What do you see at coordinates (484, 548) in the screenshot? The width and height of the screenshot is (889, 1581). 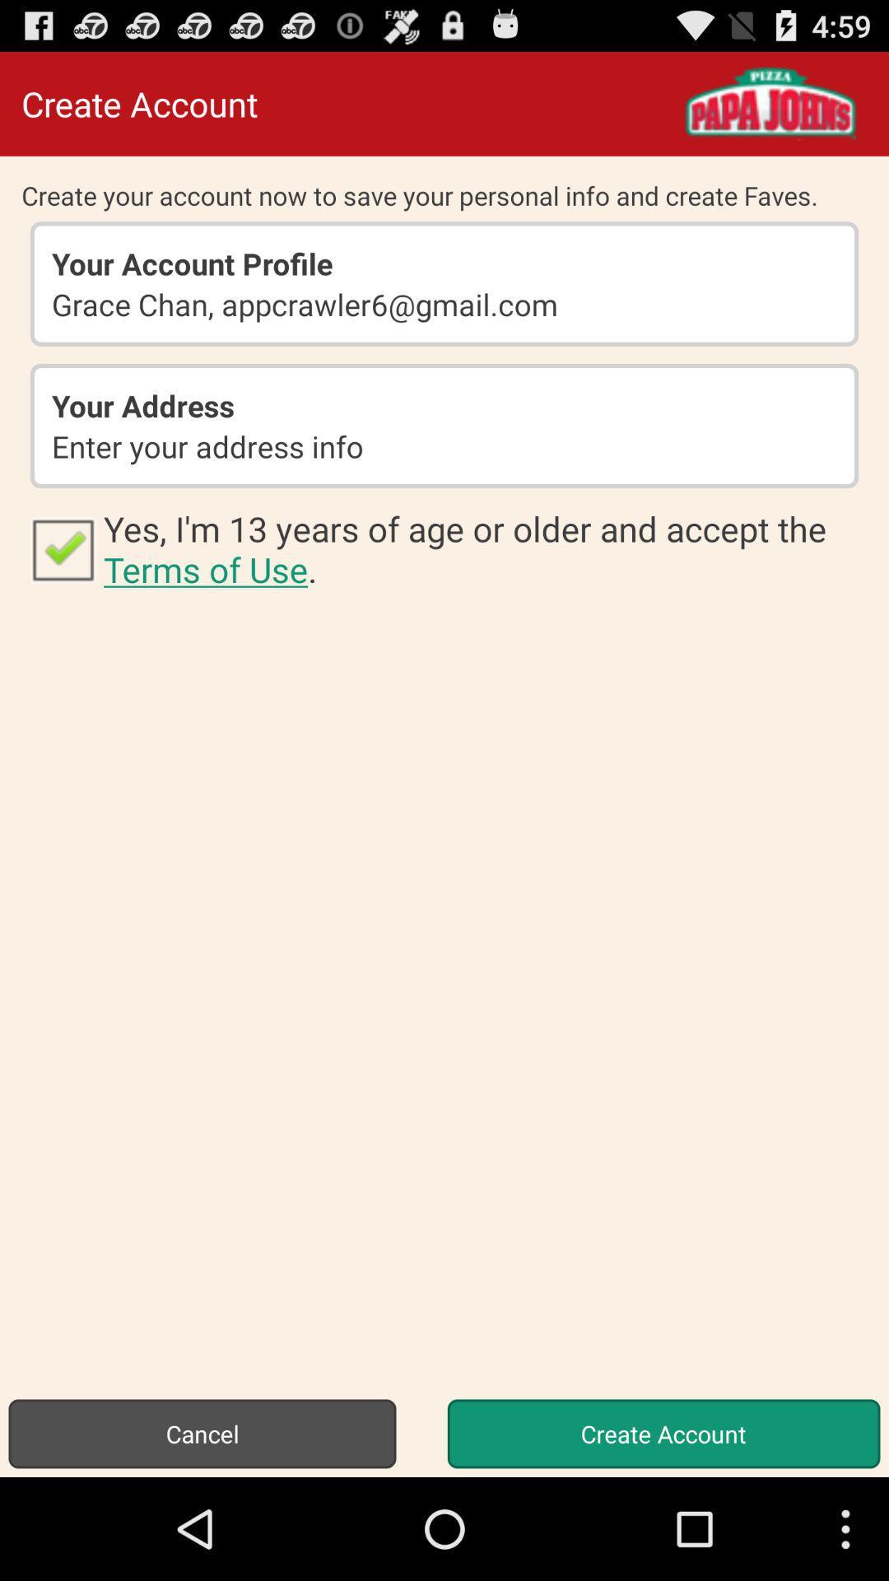 I see `the yes i m` at bounding box center [484, 548].